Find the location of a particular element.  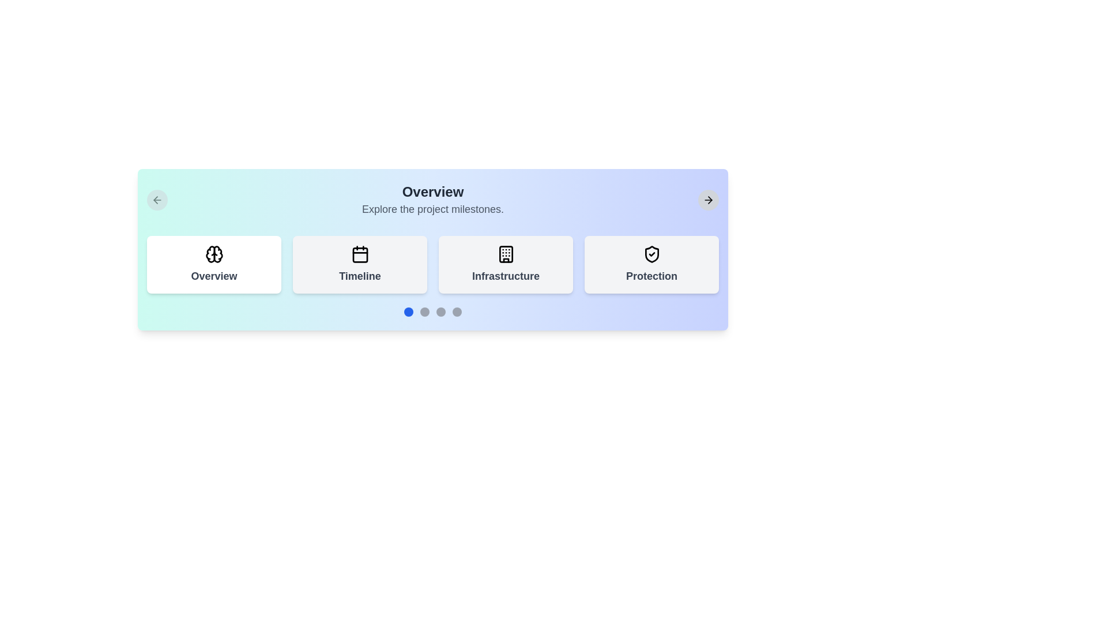

the 'Timeline' card, which is the second card in a row of four elements, located between the 'Overview' and 'Infrastructure' cards is located at coordinates (359, 265).